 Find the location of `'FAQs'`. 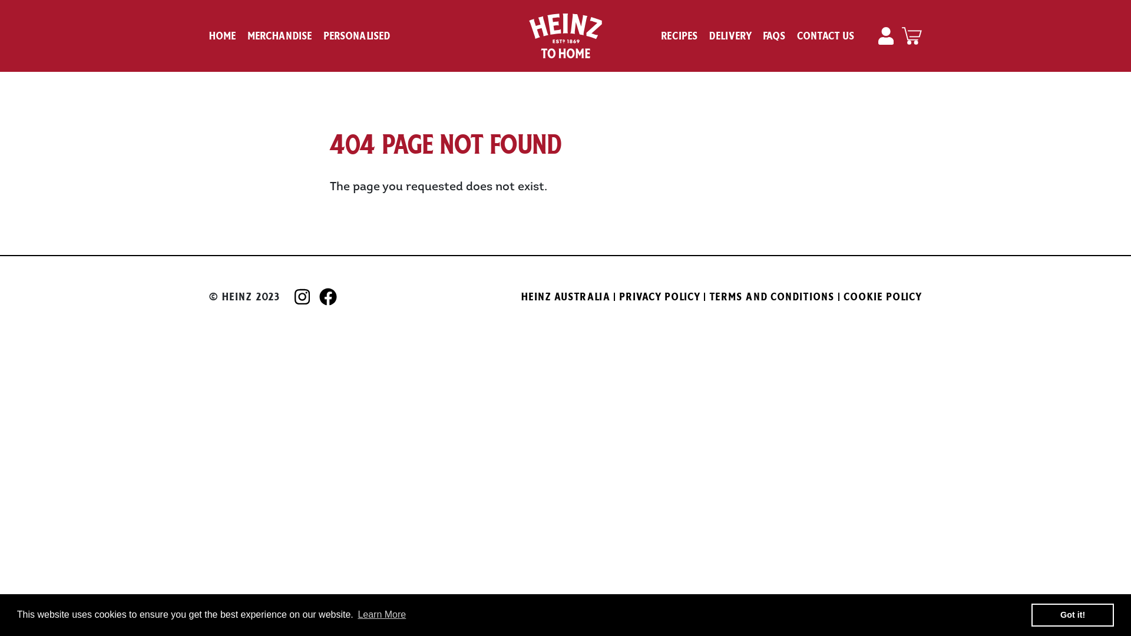

'FAQs' is located at coordinates (775, 35).